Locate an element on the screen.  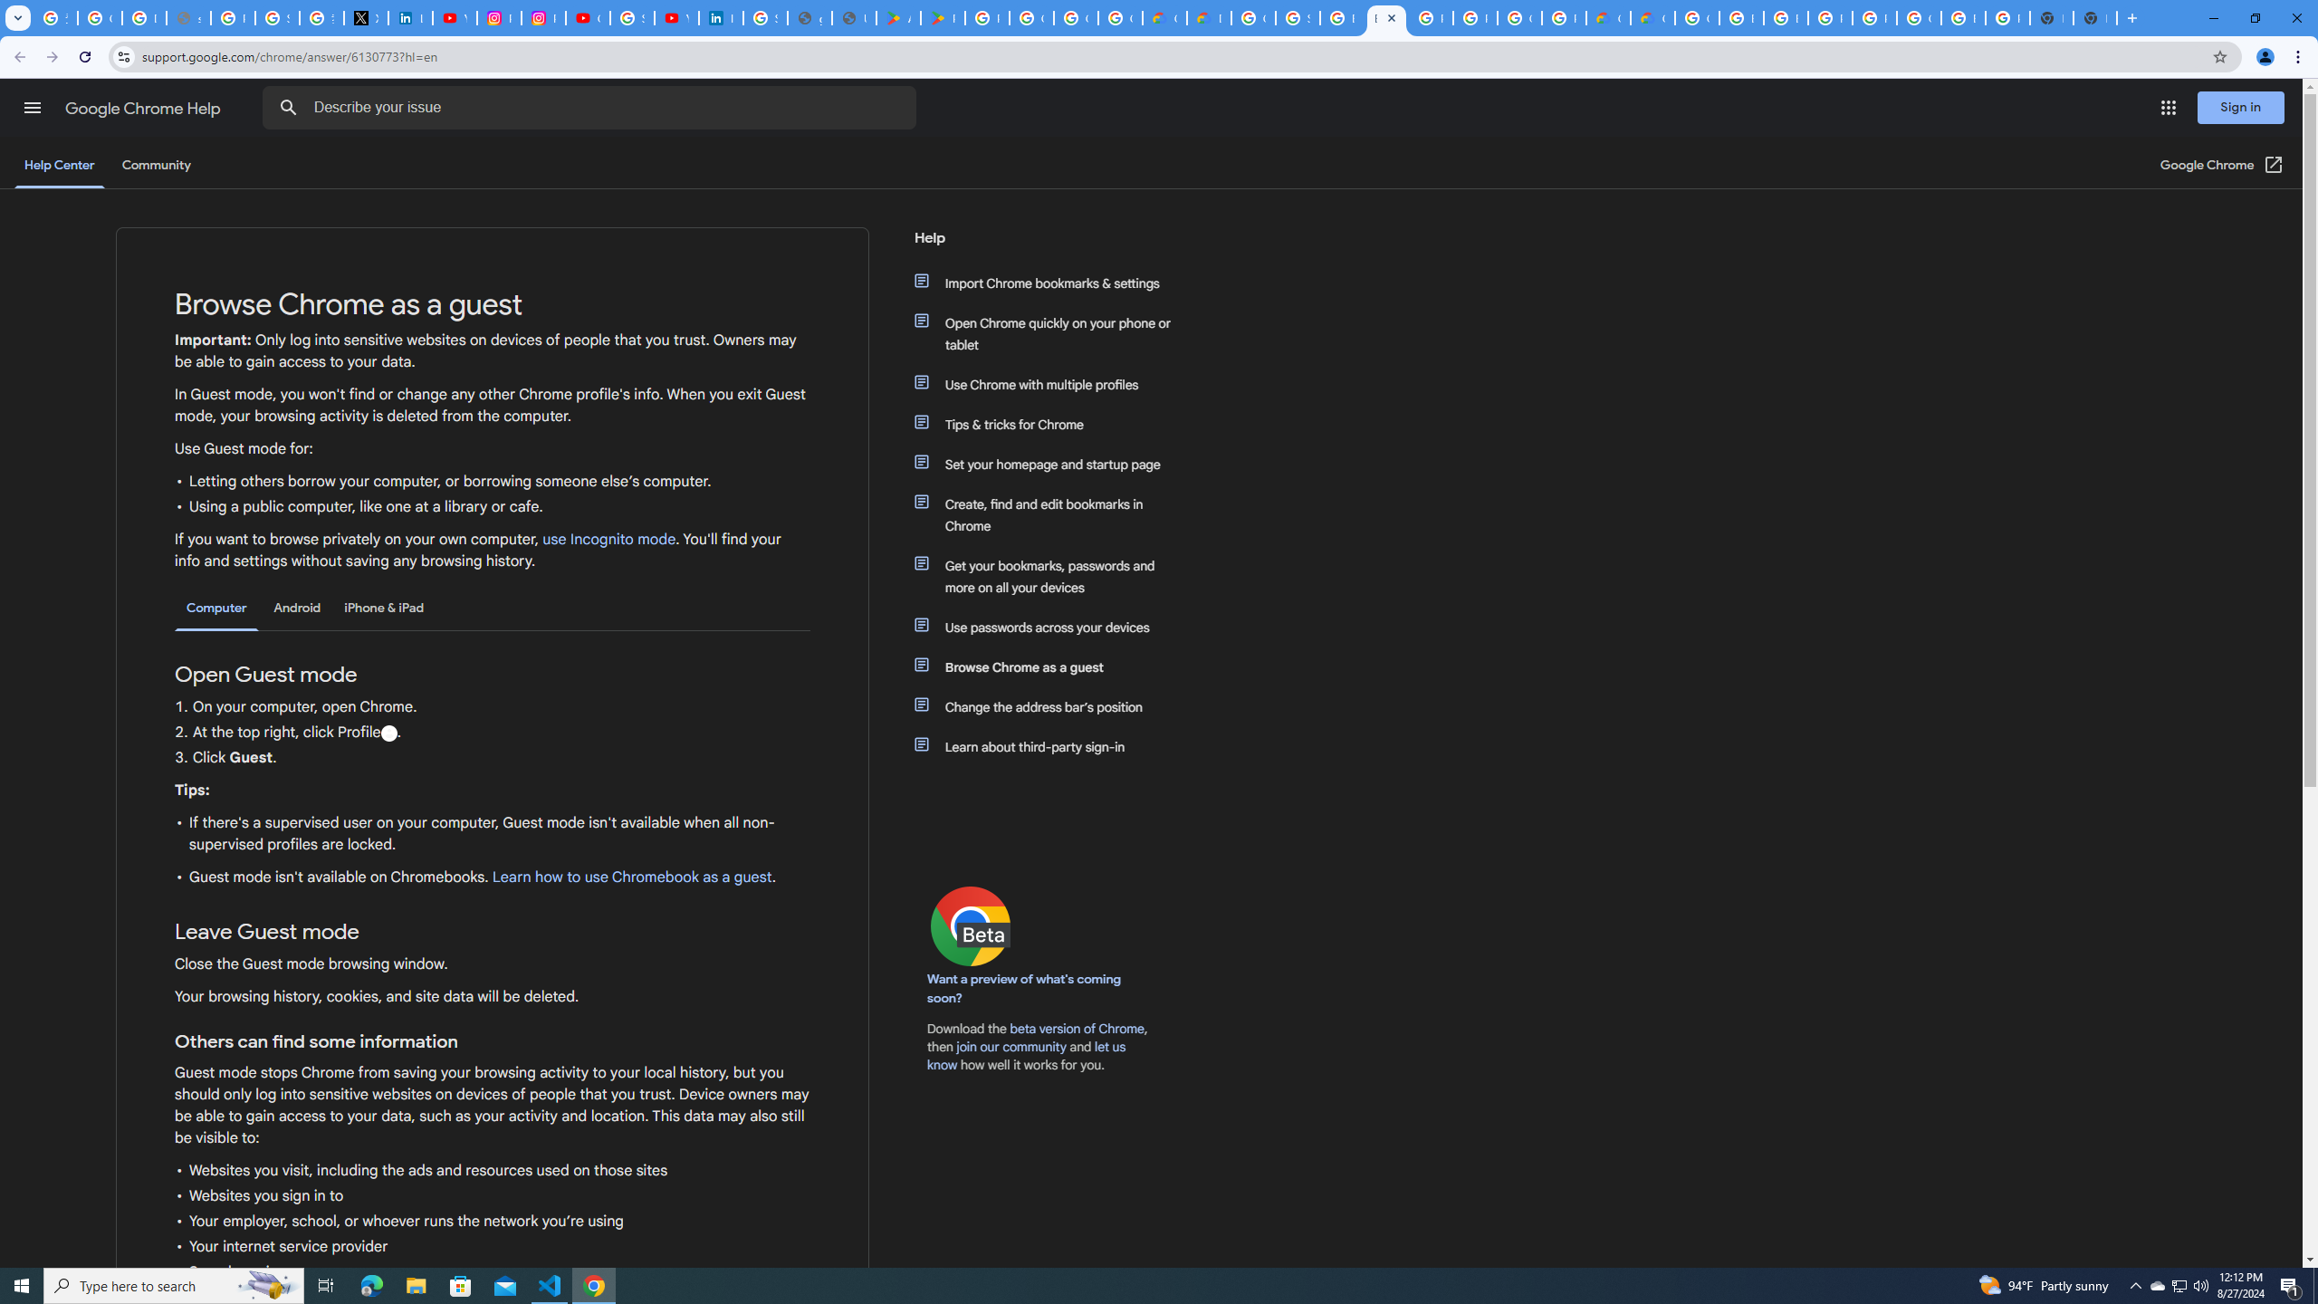
'YouTube Content Monetization Policies - How YouTube Works' is located at coordinates (454, 17).